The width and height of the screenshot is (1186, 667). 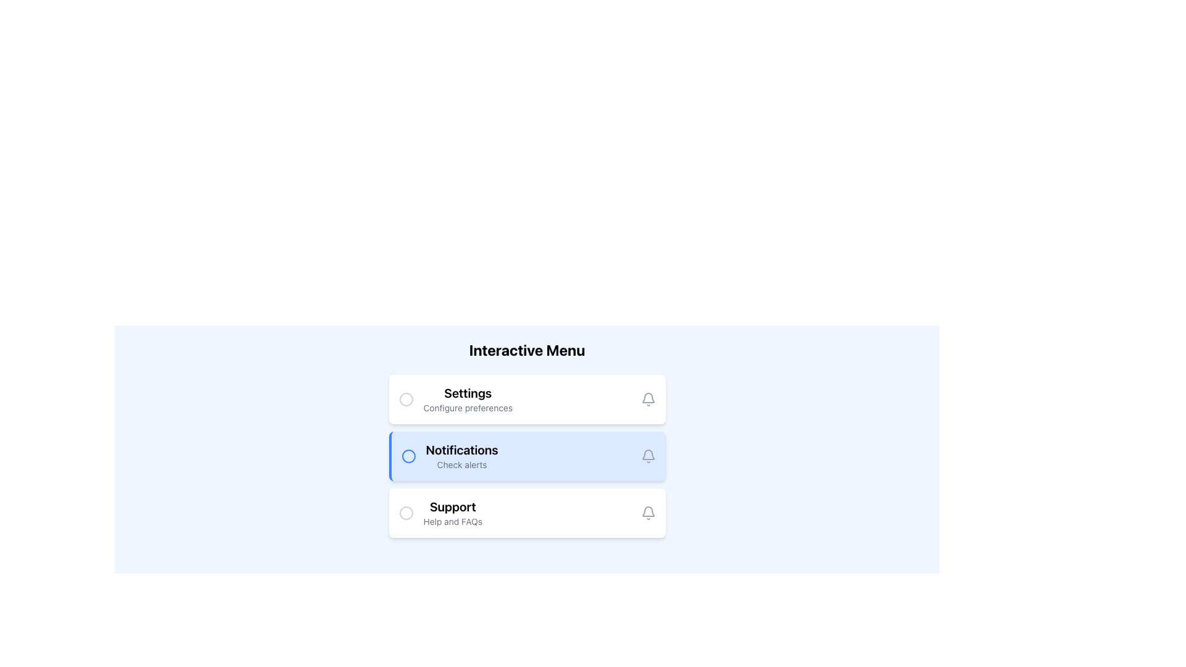 What do you see at coordinates (527, 459) in the screenshot?
I see `the second card element in the vertical list` at bounding box center [527, 459].